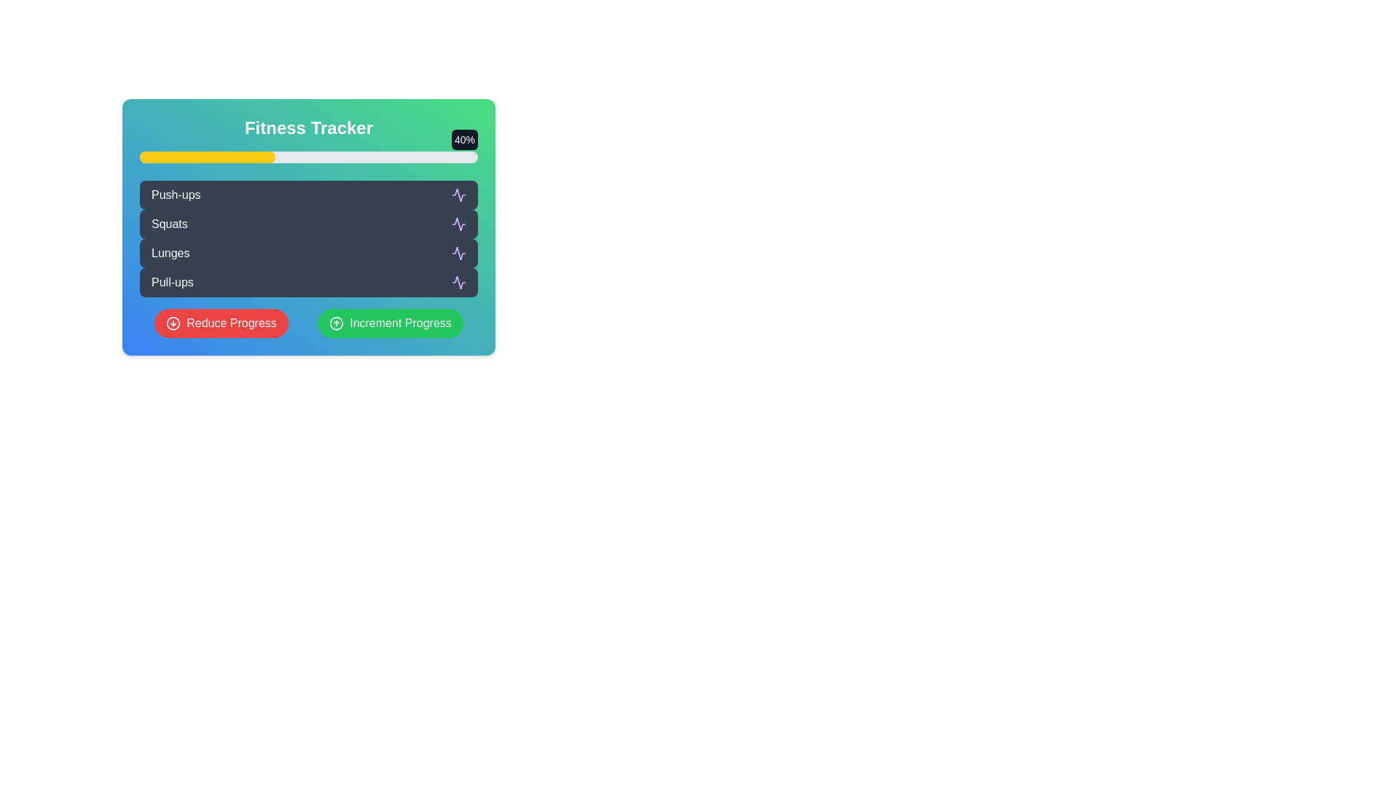 The height and width of the screenshot is (787, 1399). What do you see at coordinates (169, 224) in the screenshot?
I see `the 'Squats' label` at bounding box center [169, 224].